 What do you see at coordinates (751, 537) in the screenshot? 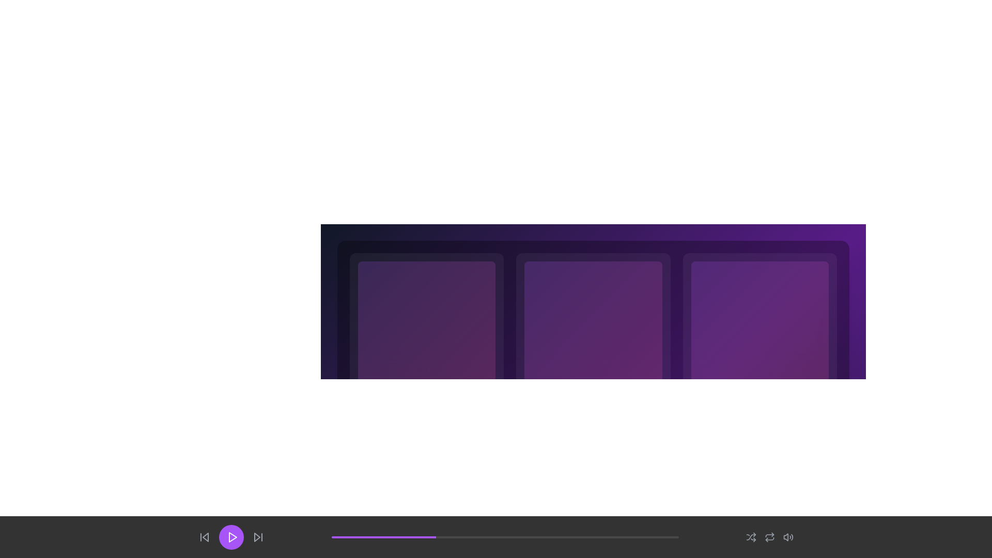
I see `the leftmost icon button, which resembles a shuffle symbol in a grayish tone, located in the dark-themed bottom control bar` at bounding box center [751, 537].